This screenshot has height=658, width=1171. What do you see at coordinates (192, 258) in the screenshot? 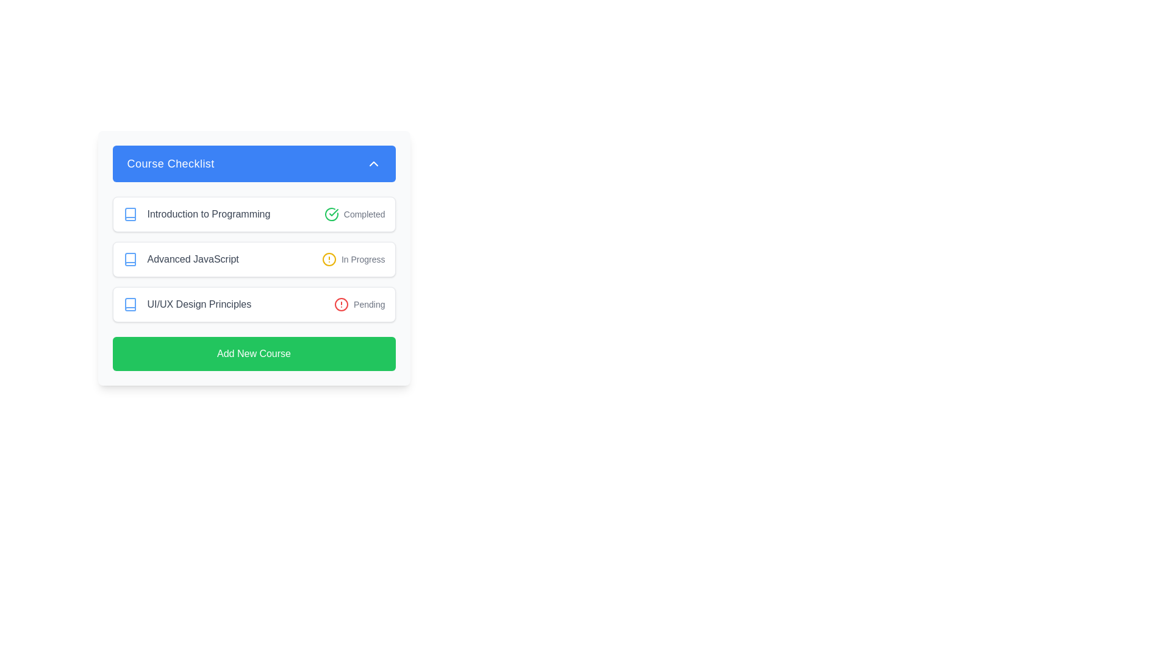
I see `the text label displaying 'Advanced JavaScript' in the checklist interface` at bounding box center [192, 258].